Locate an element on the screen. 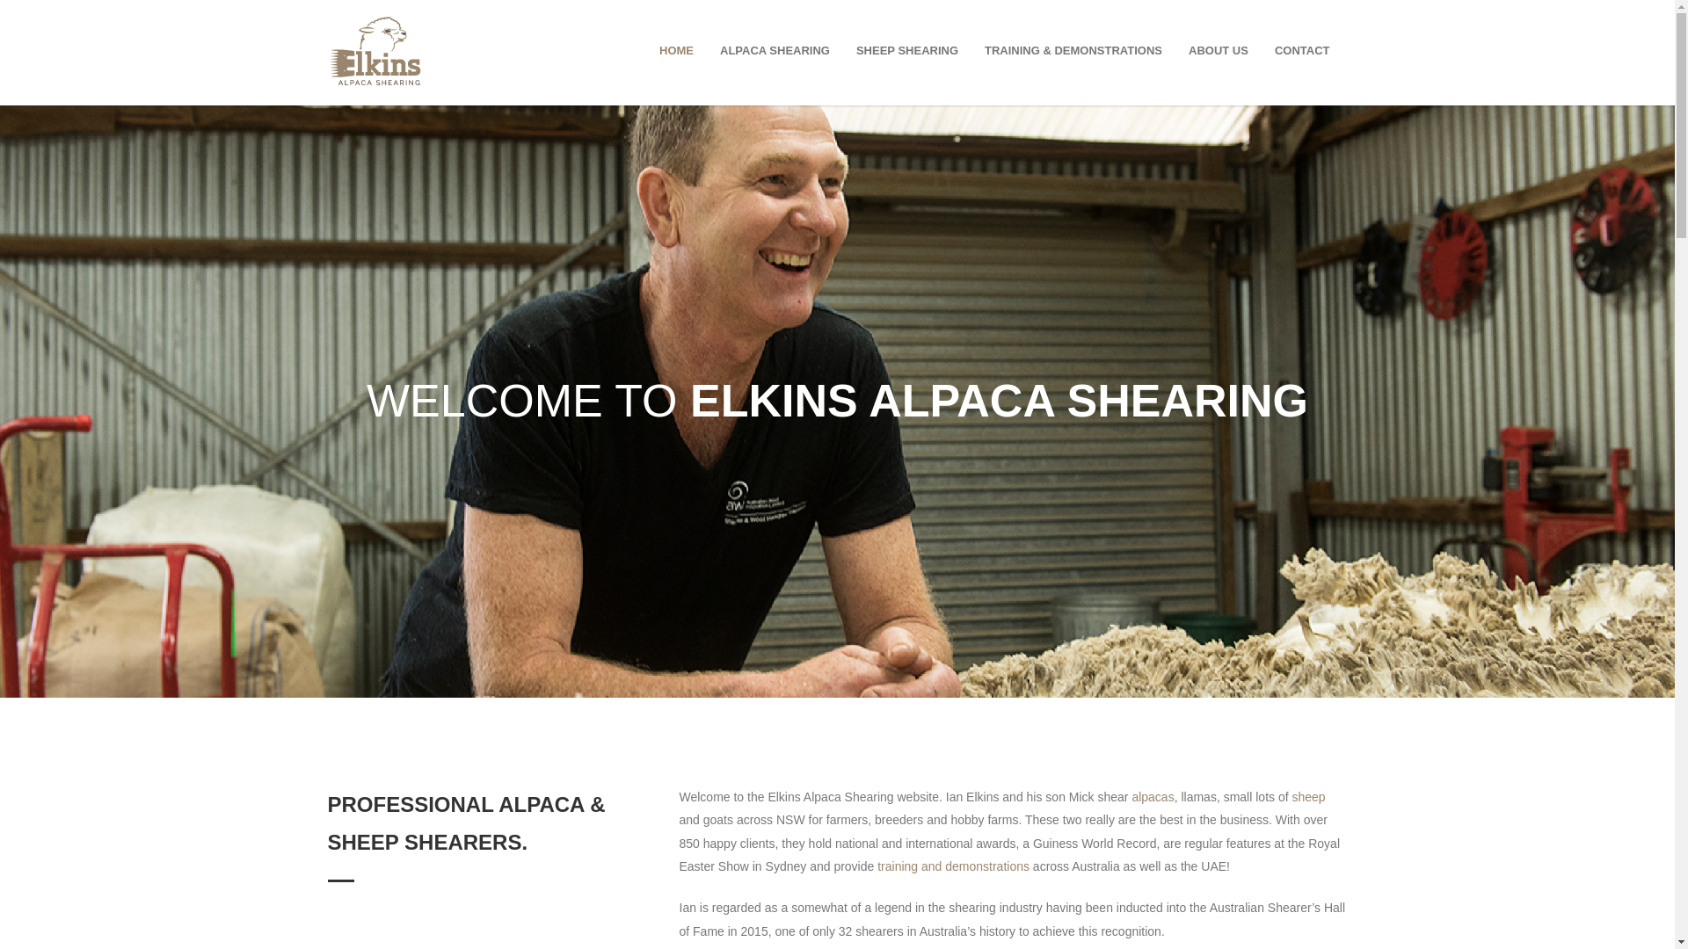  'CONTACT' is located at coordinates (1261, 49).